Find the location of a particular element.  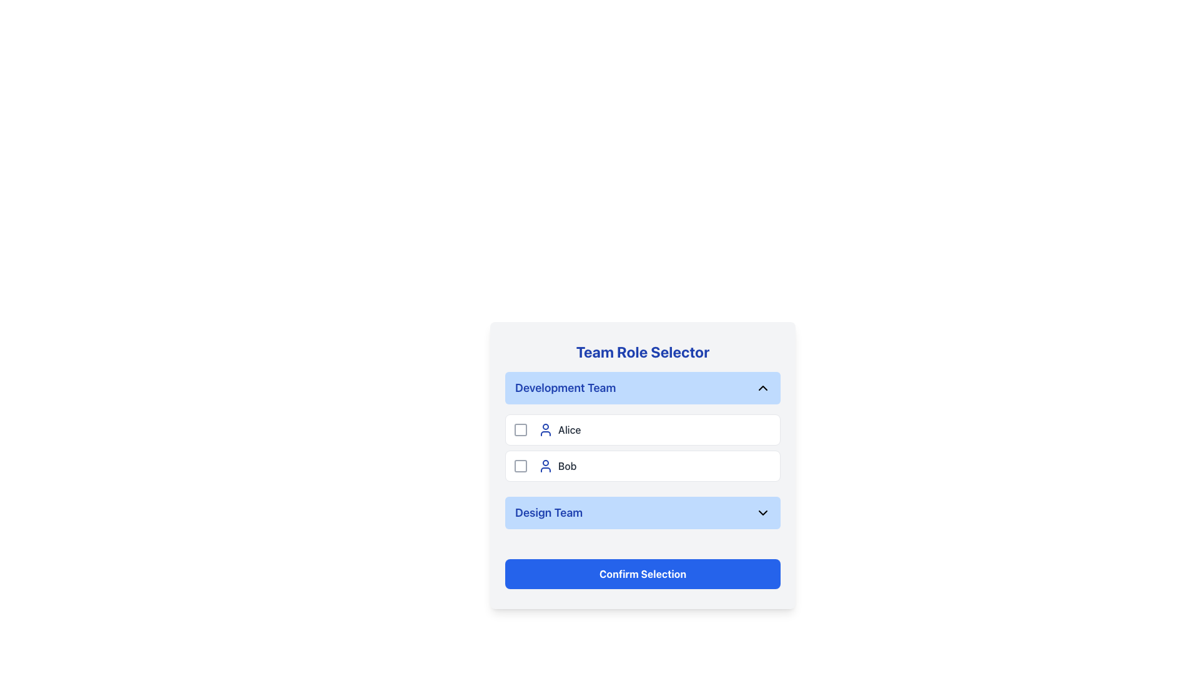

the checkbox element with a gray border located adjacent to the blue user icon and the text 'Bob' is located at coordinates (521, 466).